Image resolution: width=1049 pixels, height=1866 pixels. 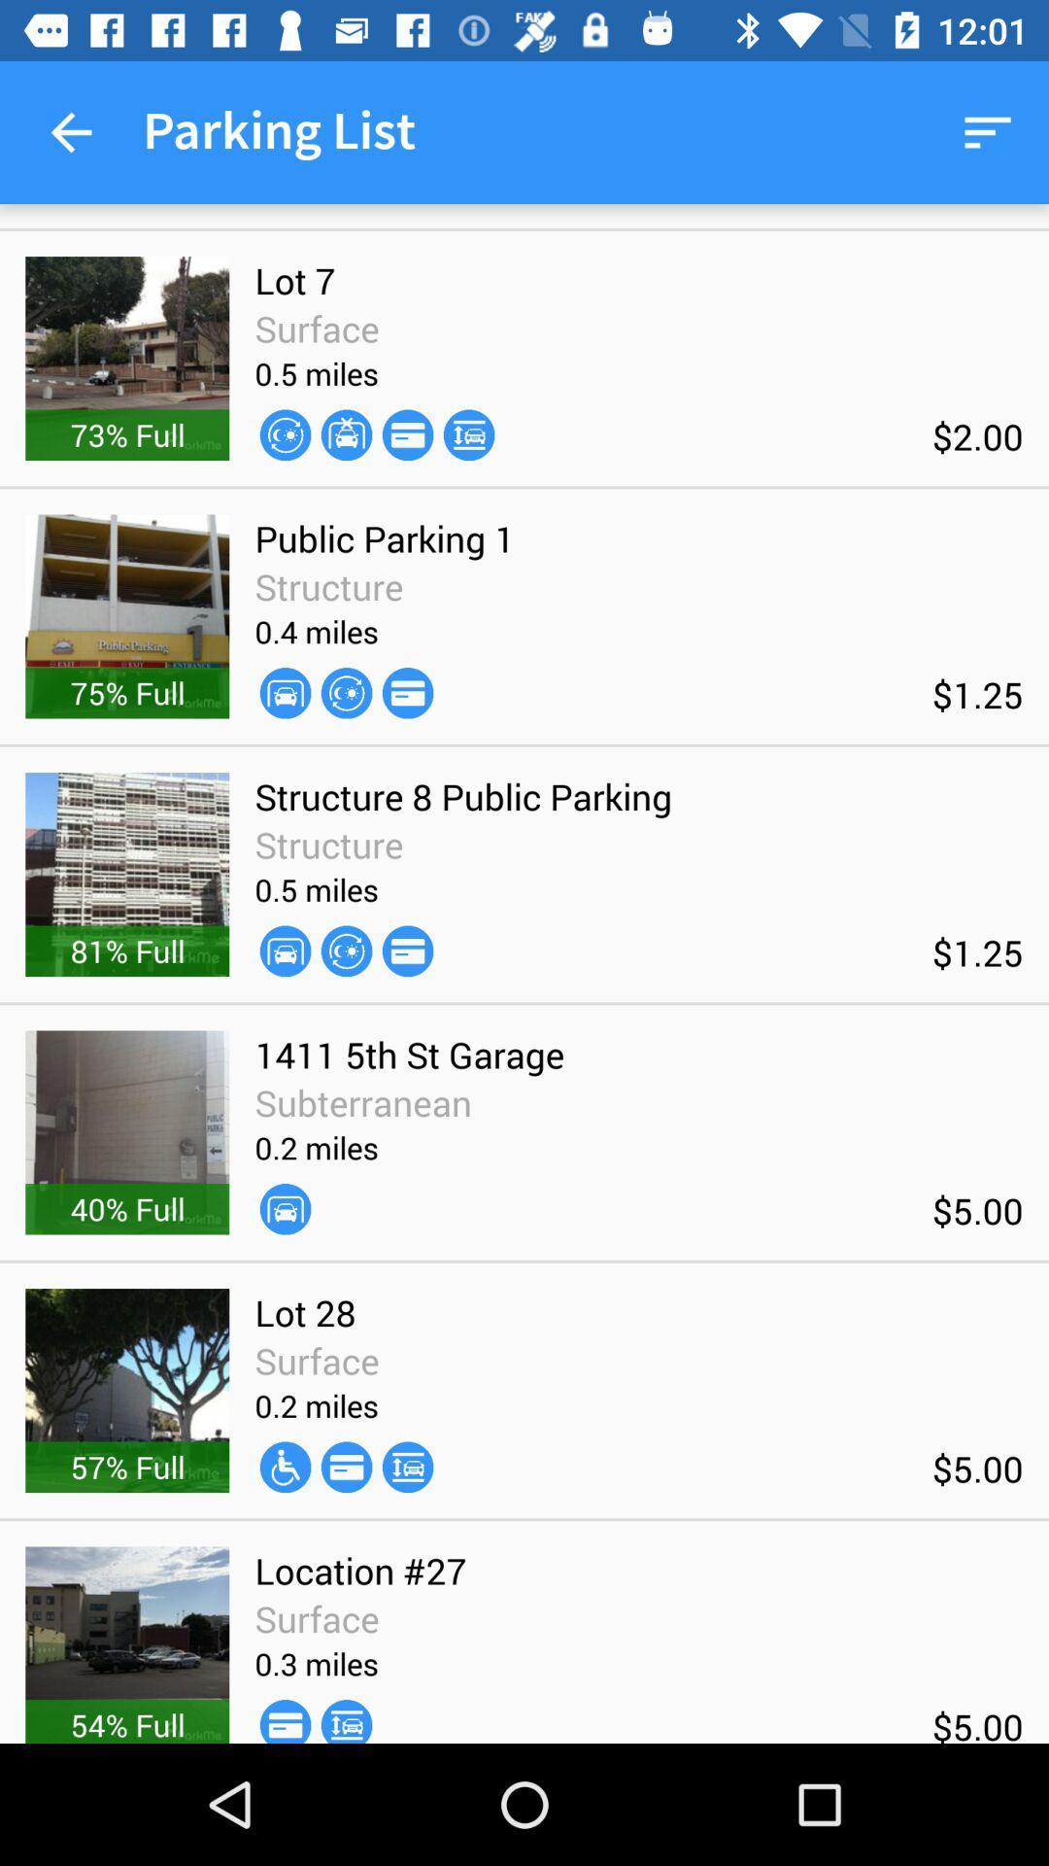 What do you see at coordinates (407, 950) in the screenshot?
I see `the item above 1411 5th st` at bounding box center [407, 950].